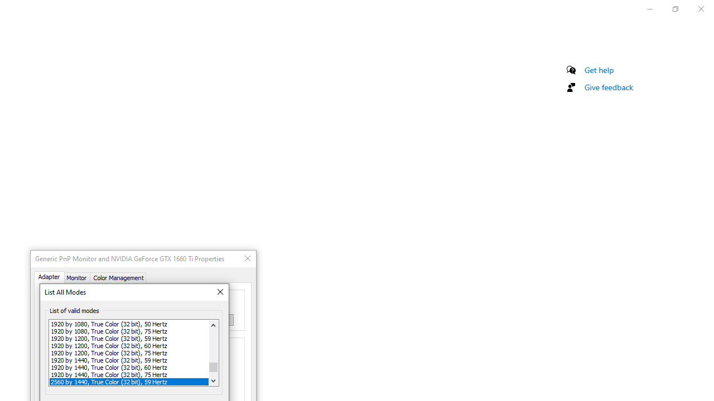 The image size is (714, 401). I want to click on '2560 by 1440, True Color (32 bit), 59 Hertz', so click(129, 381).